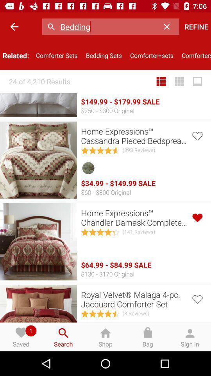 The height and width of the screenshot is (376, 211). Describe the element at coordinates (194, 55) in the screenshot. I see `comforters` at that location.